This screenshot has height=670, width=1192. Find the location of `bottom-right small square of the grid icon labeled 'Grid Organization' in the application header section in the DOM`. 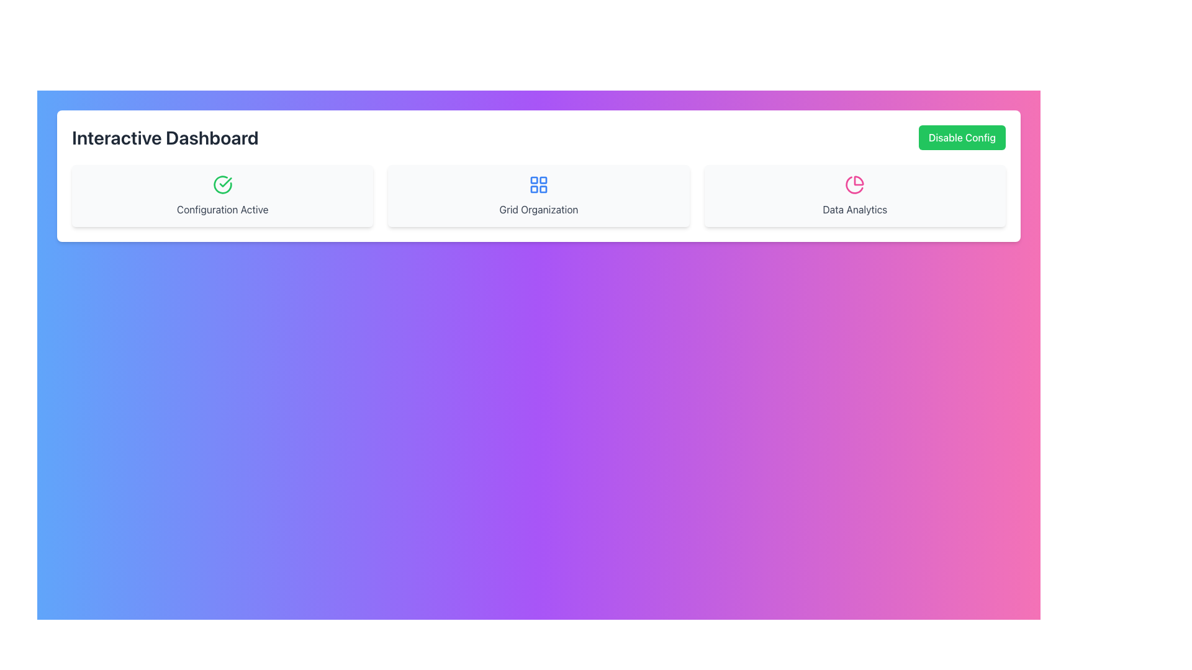

bottom-right small square of the grid icon labeled 'Grid Organization' in the application header section in the DOM is located at coordinates (543, 189).